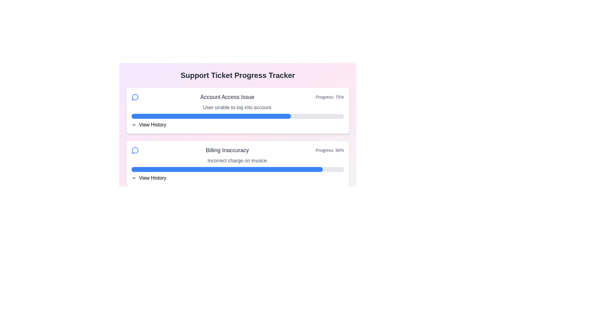  I want to click on the progress indicator bar, which is a horizontally elongated blue bar with rounded ends, located under the 'Billing Inaccuracy' title in the second card of the interface, so click(227, 169).